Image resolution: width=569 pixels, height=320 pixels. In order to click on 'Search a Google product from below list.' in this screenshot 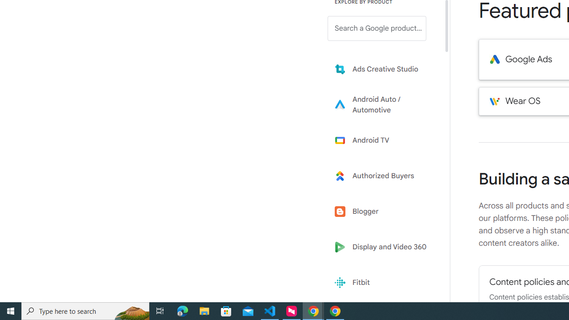, I will do `click(377, 28)`.